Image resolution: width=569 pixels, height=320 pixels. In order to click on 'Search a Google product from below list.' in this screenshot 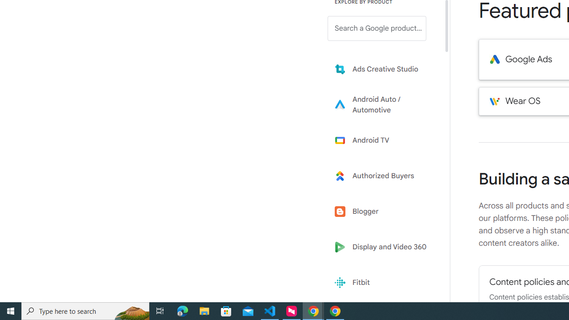, I will do `click(377, 28)`.